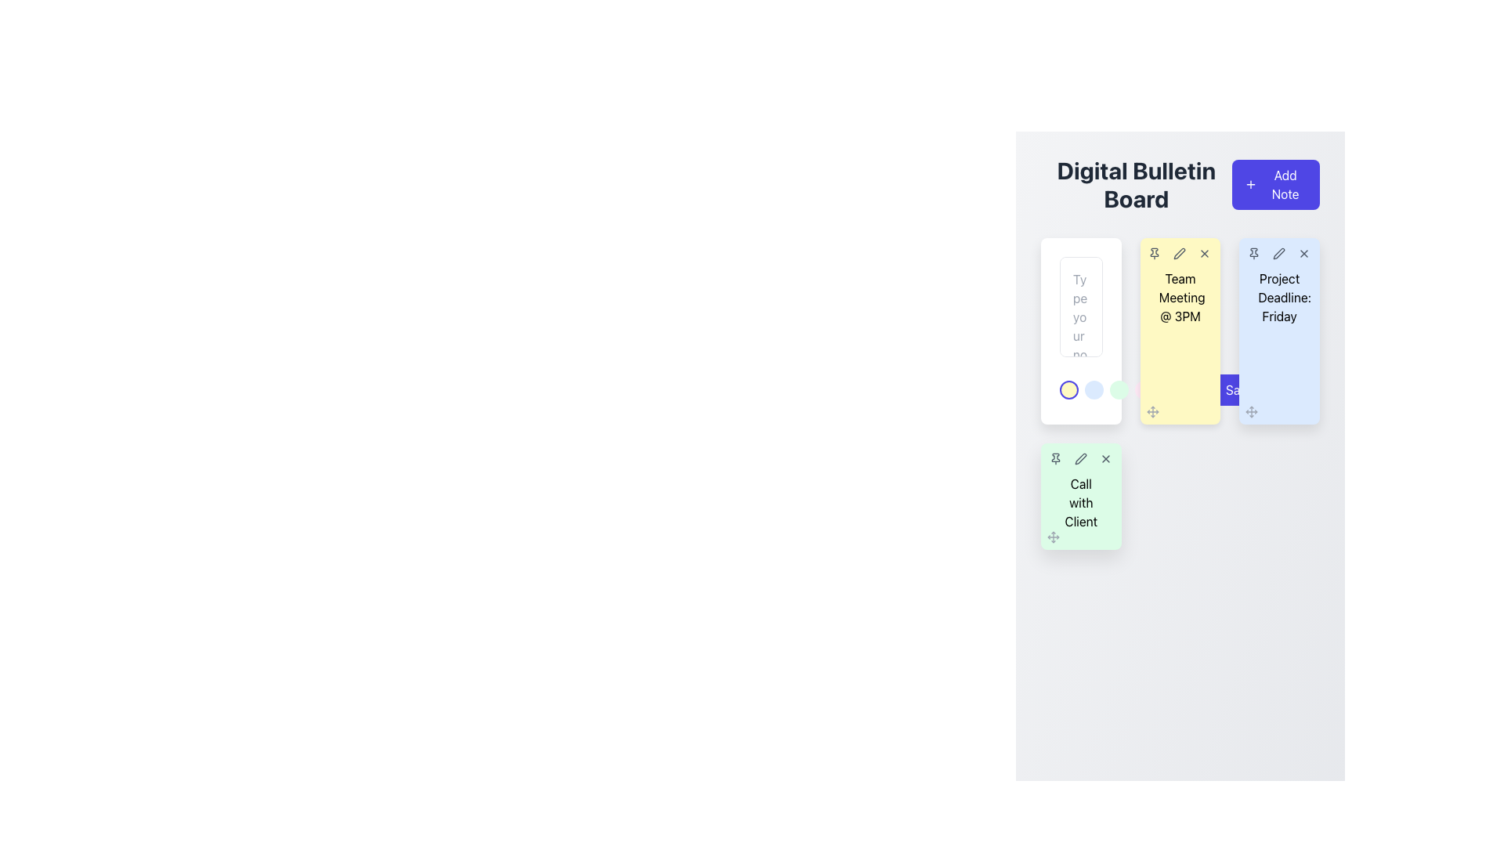 Image resolution: width=1504 pixels, height=846 pixels. Describe the element at coordinates (1104, 458) in the screenshot. I see `the close or delete button located at the top-right corner of the light green note labeled 'Call with Client'` at that location.